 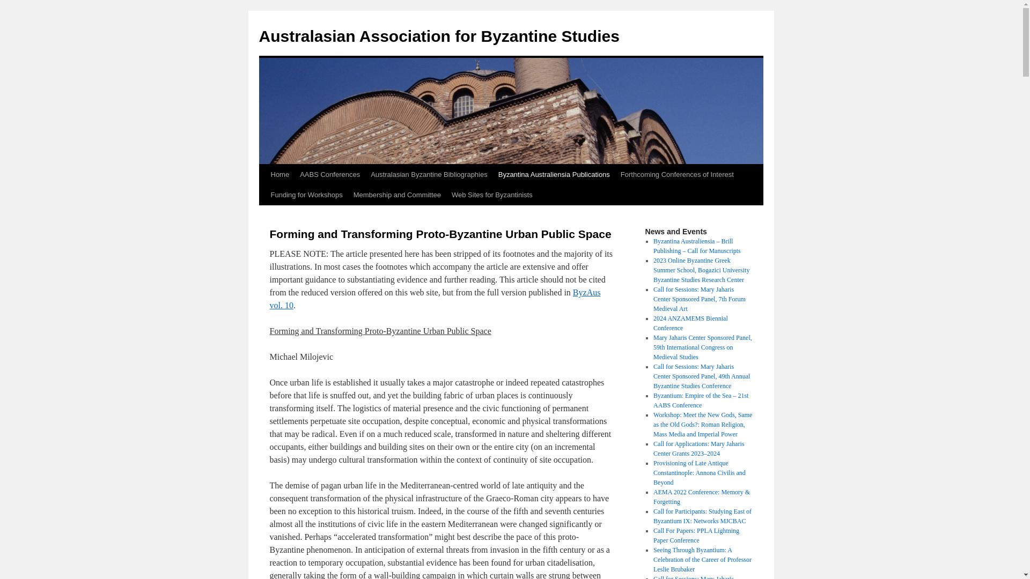 What do you see at coordinates (396, 195) in the screenshot?
I see `'Membership and Committee'` at bounding box center [396, 195].